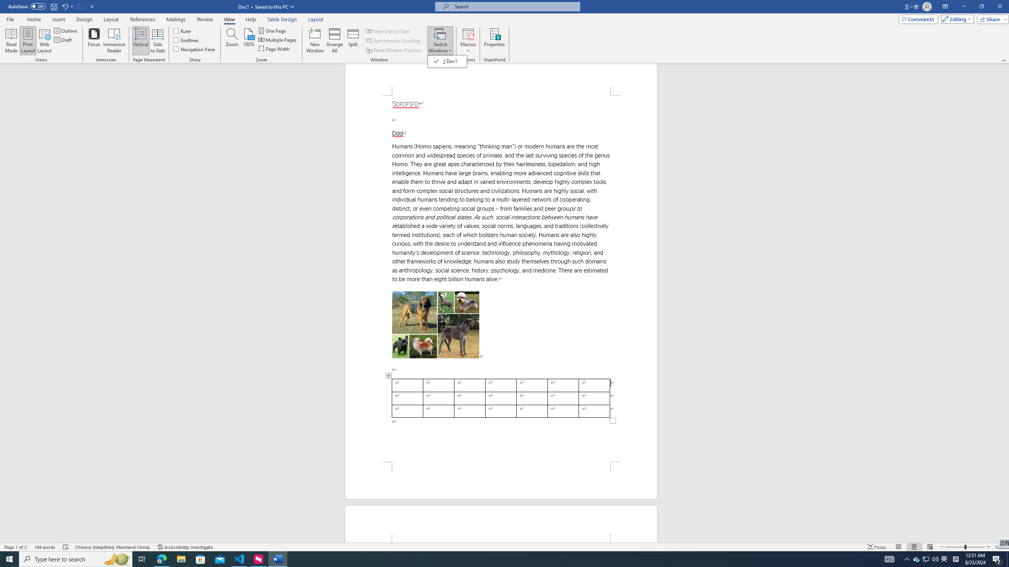 This screenshot has width=1009, height=567. I want to click on 'Ribbon Display Options', so click(945, 6).